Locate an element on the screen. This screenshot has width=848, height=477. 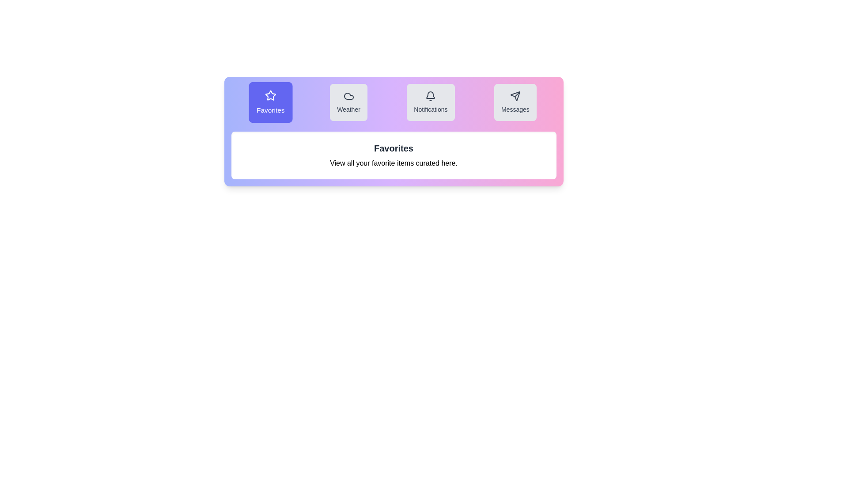
the tab labeled Favorites to observe its visual effect is located at coordinates (270, 102).